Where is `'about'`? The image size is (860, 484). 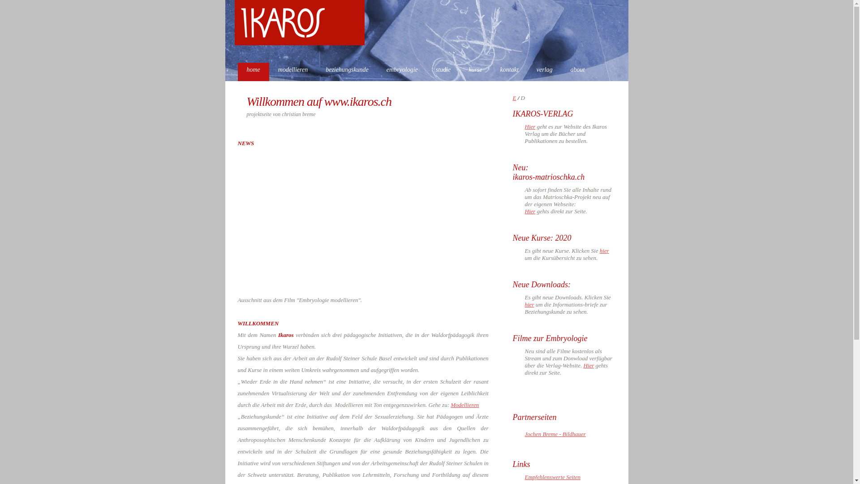
'about' is located at coordinates (578, 71).